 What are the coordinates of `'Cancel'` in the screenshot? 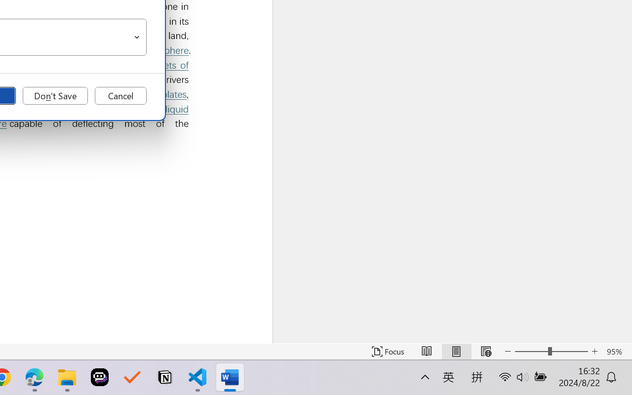 It's located at (120, 95).